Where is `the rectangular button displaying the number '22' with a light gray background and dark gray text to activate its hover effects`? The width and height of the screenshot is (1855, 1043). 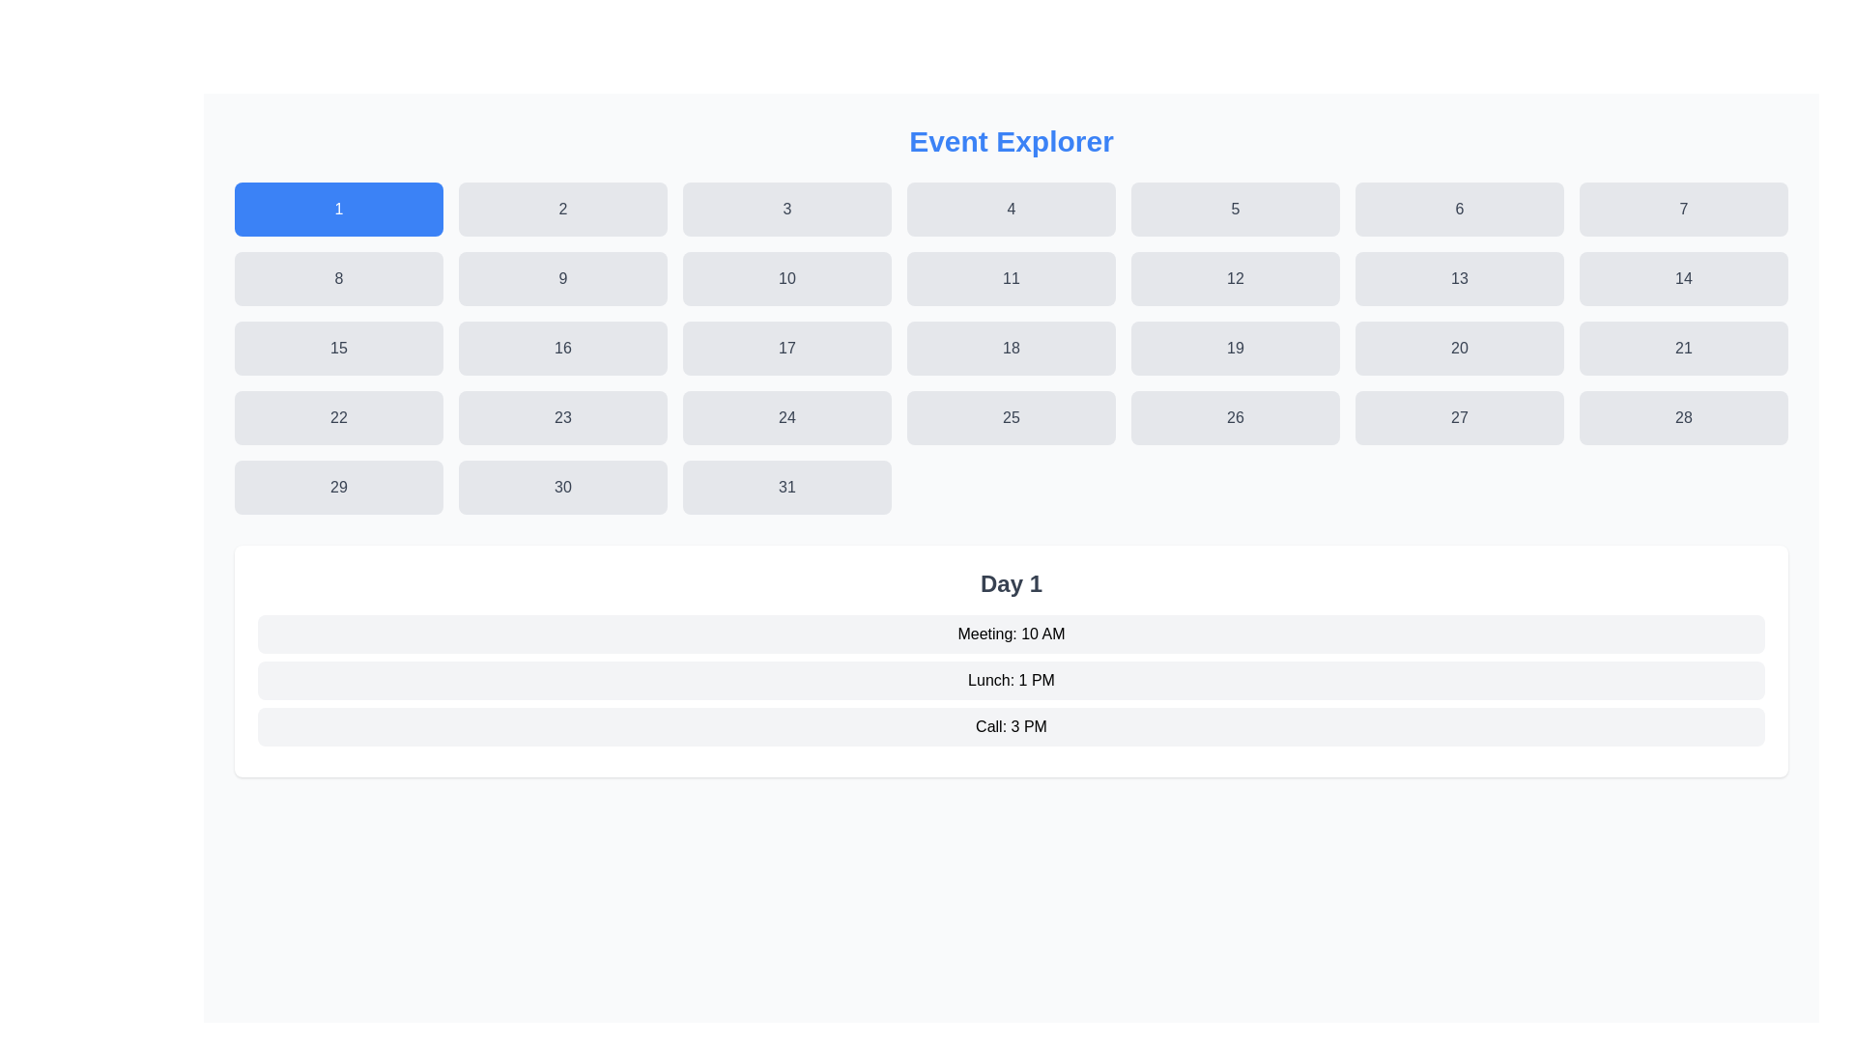 the rectangular button displaying the number '22' with a light gray background and dark gray text to activate its hover effects is located at coordinates (338, 416).